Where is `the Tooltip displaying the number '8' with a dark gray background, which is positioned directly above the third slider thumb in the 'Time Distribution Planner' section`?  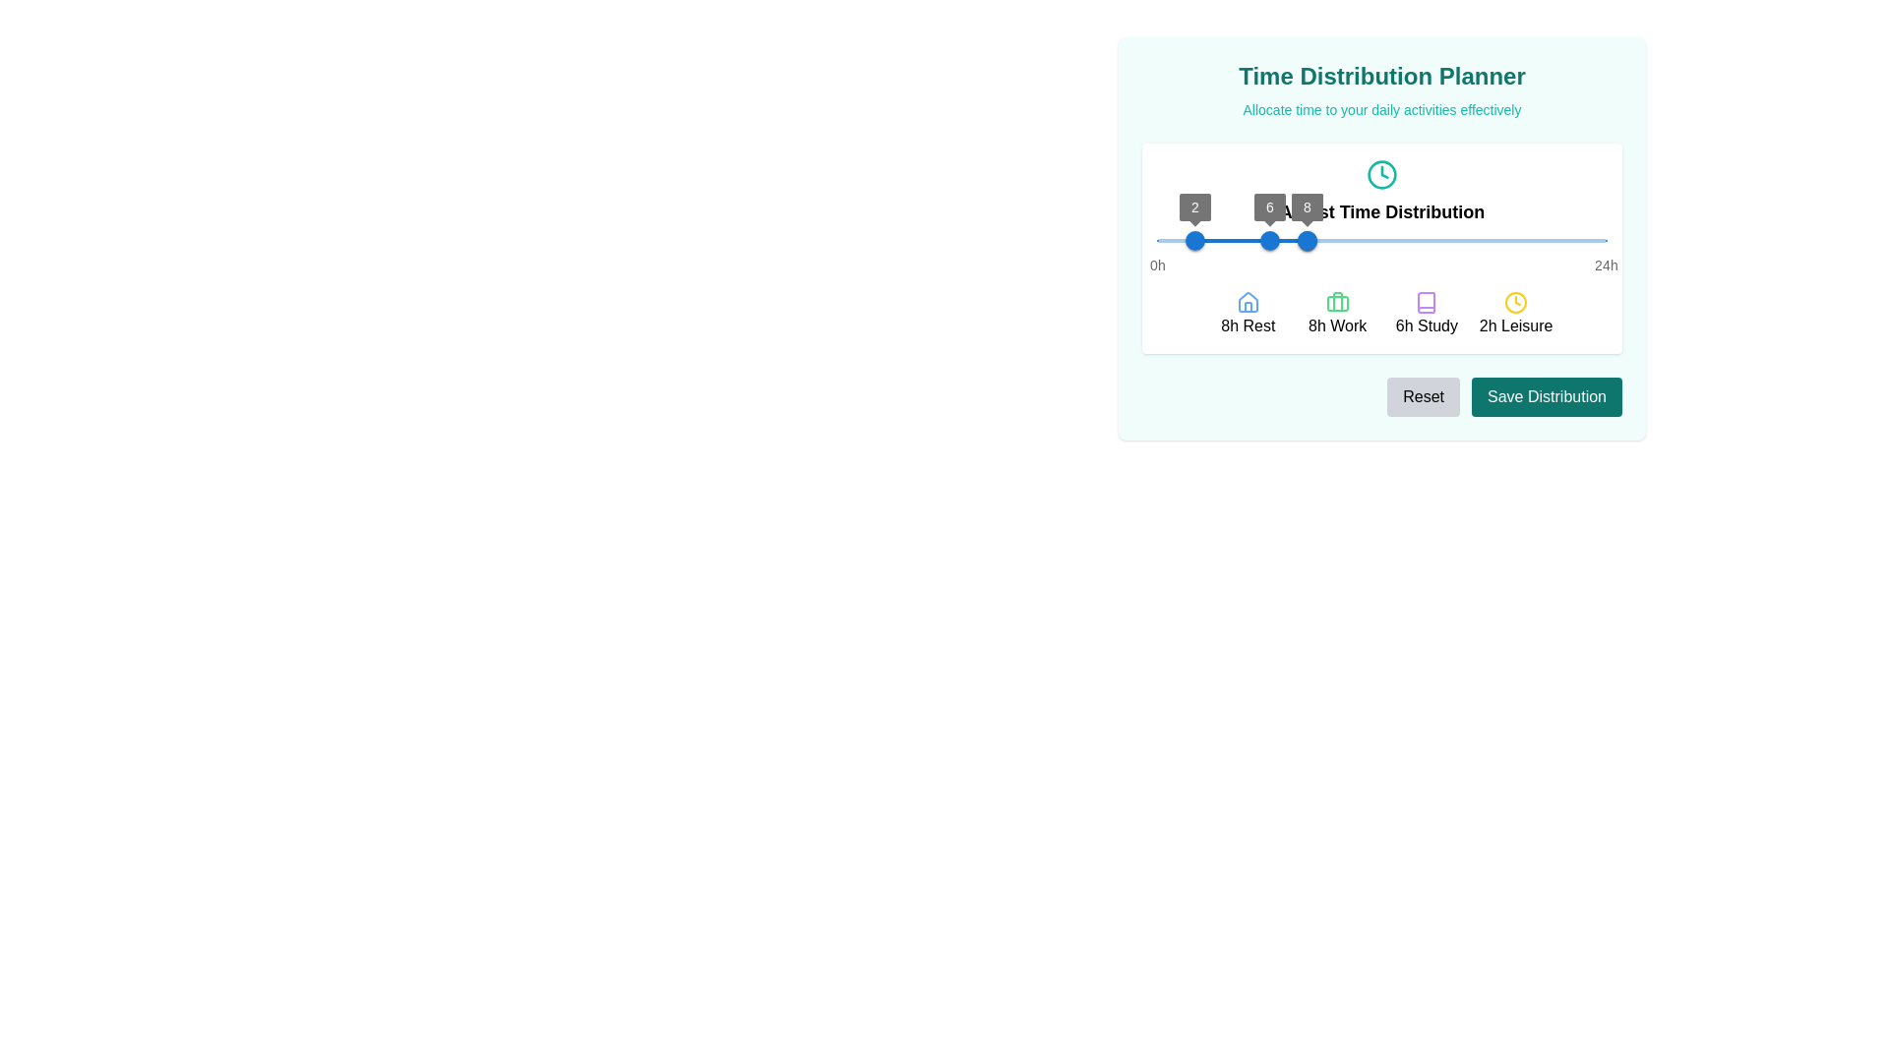 the Tooltip displaying the number '8' with a dark gray background, which is positioned directly above the third slider thumb in the 'Time Distribution Planner' section is located at coordinates (1308, 207).